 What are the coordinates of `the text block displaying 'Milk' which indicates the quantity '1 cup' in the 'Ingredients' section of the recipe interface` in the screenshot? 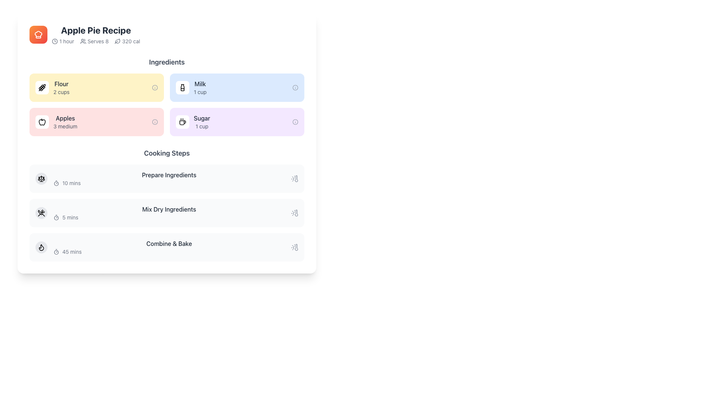 It's located at (200, 87).